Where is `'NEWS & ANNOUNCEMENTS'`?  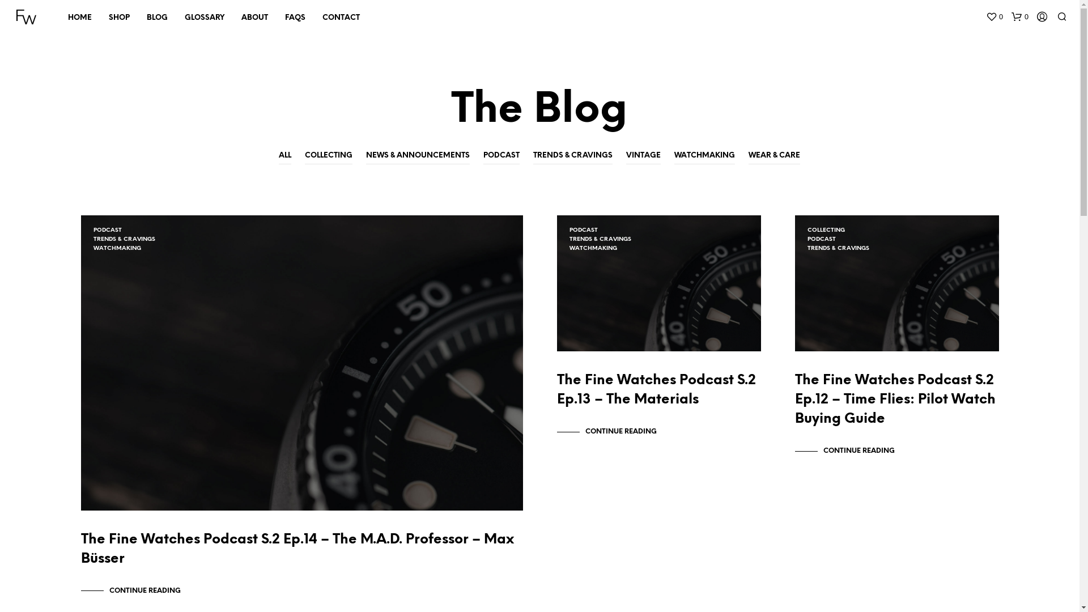 'NEWS & ANNOUNCEMENTS' is located at coordinates (366, 156).